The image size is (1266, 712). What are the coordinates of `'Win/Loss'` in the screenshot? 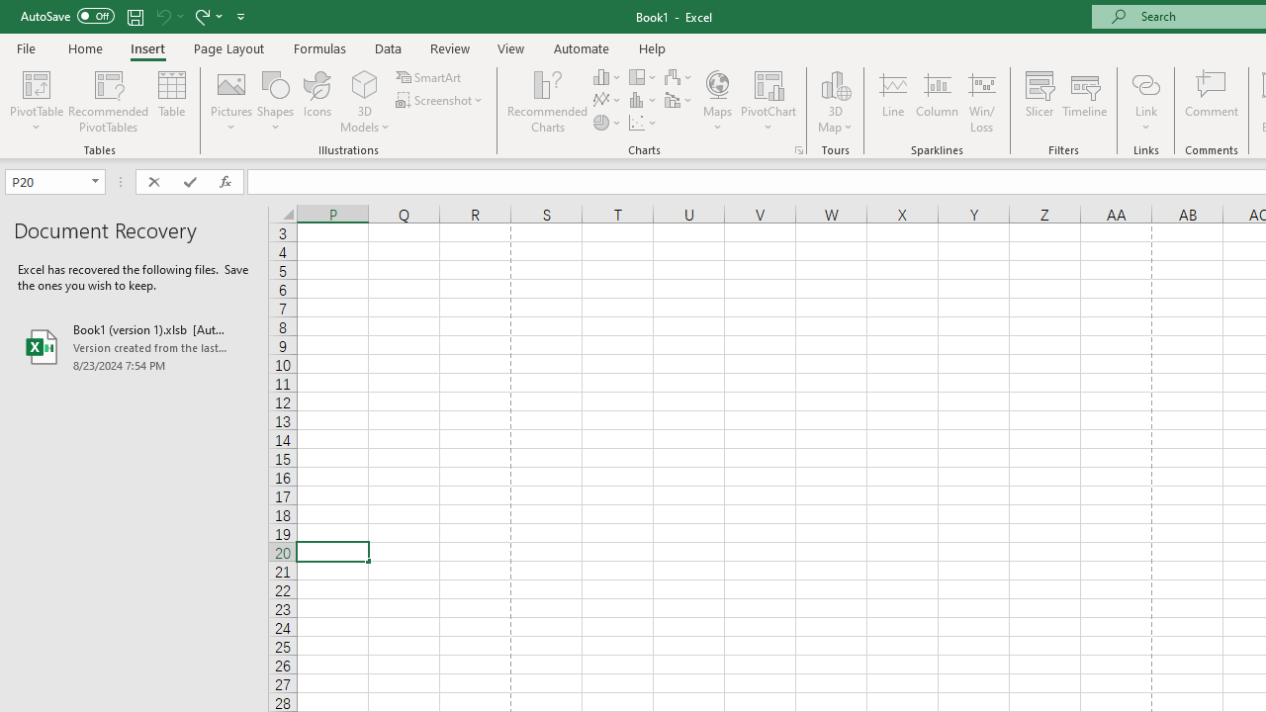 It's located at (981, 102).